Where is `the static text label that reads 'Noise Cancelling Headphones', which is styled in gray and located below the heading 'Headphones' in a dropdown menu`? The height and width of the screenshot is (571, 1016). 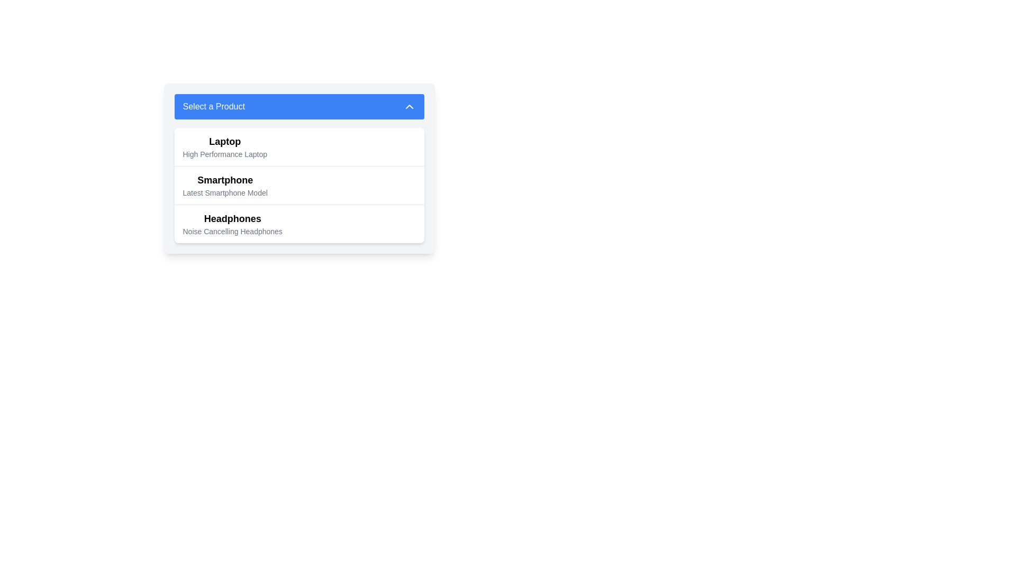 the static text label that reads 'Noise Cancelling Headphones', which is styled in gray and located below the heading 'Headphones' in a dropdown menu is located at coordinates (232, 231).